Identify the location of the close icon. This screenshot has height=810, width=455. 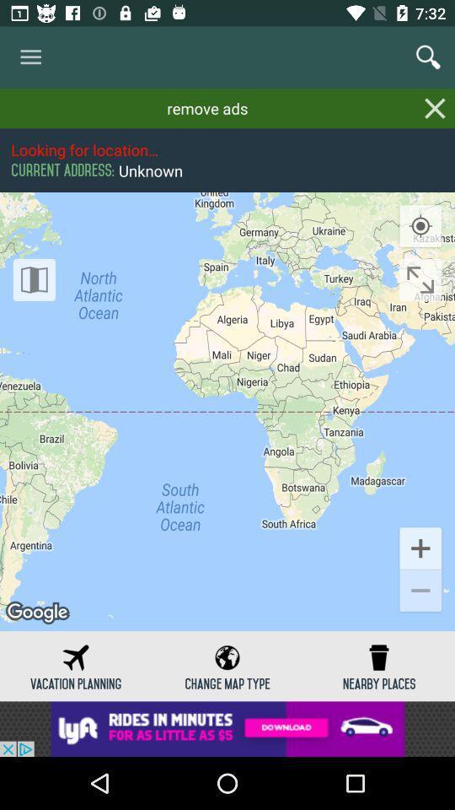
(435, 107).